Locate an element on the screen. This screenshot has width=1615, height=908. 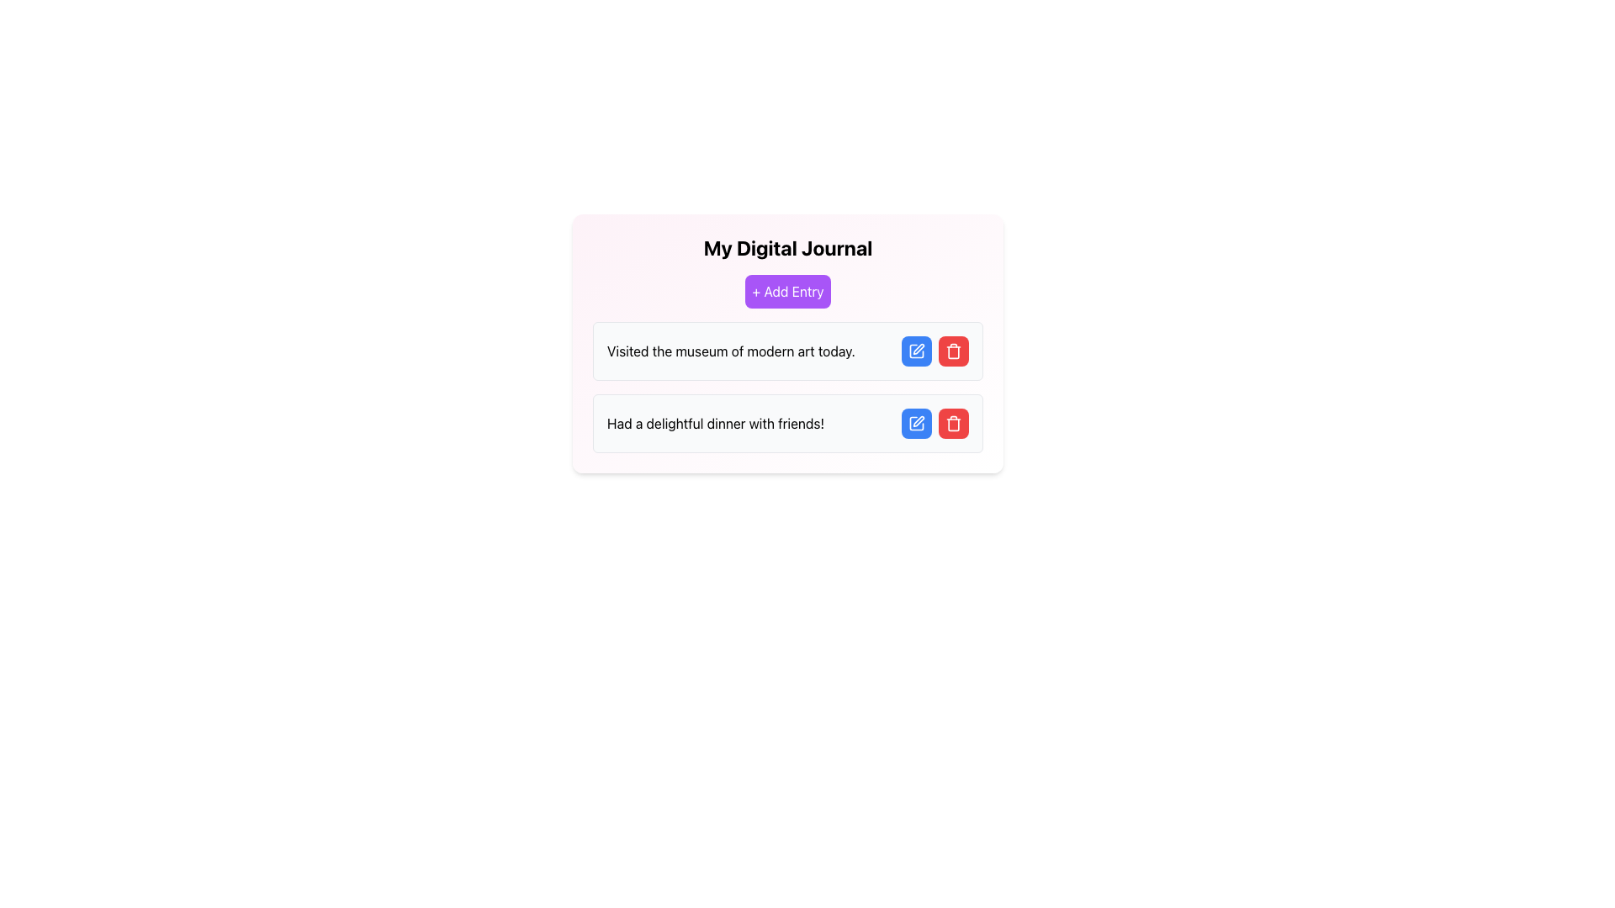
the static text block displaying 'Visited the museum of modern art today.' which is centered between the edit and delete icons is located at coordinates (731, 350).